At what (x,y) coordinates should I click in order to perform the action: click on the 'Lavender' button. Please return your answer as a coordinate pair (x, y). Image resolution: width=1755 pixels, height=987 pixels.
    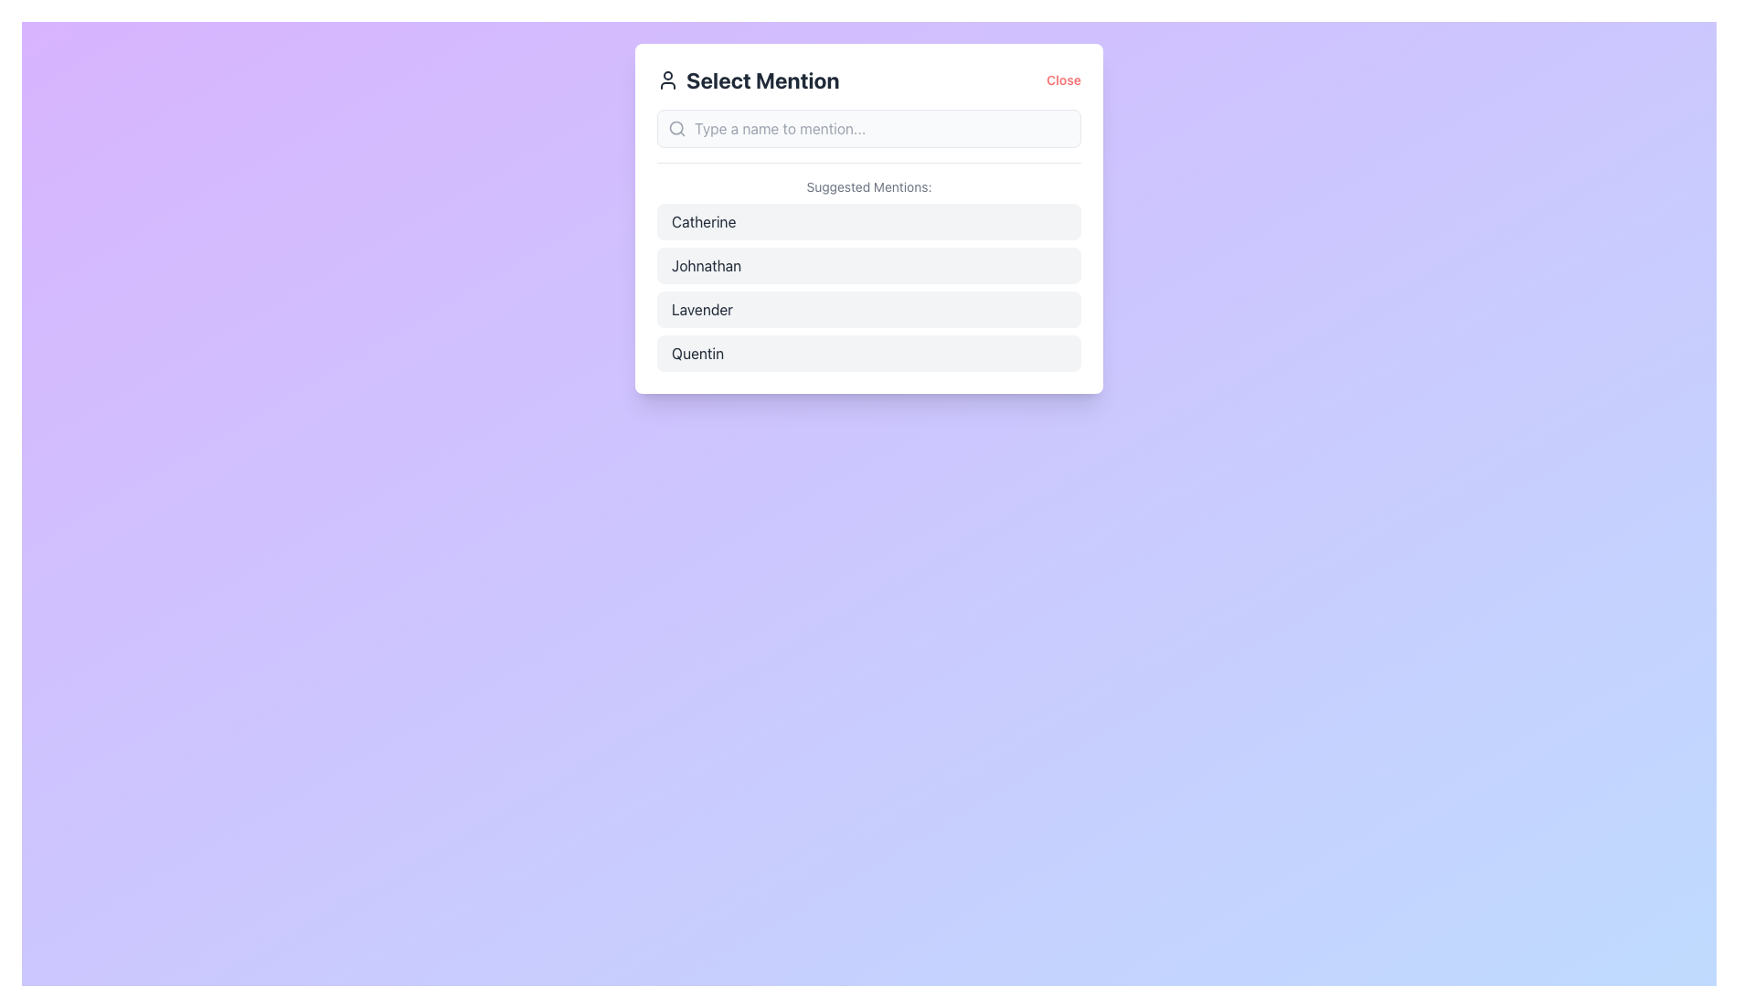
    Looking at the image, I should click on (867, 309).